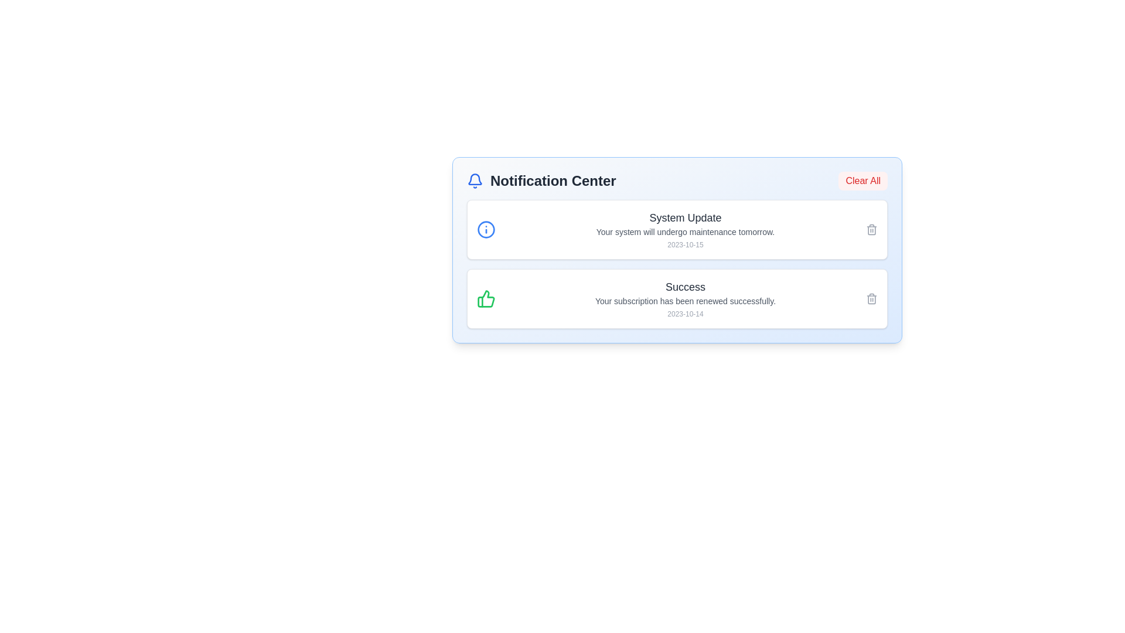  Describe the element at coordinates (686, 314) in the screenshot. I see `the timestamp text label that indicates when the notification occurred, positioned below the main message about subscription renewal` at that location.